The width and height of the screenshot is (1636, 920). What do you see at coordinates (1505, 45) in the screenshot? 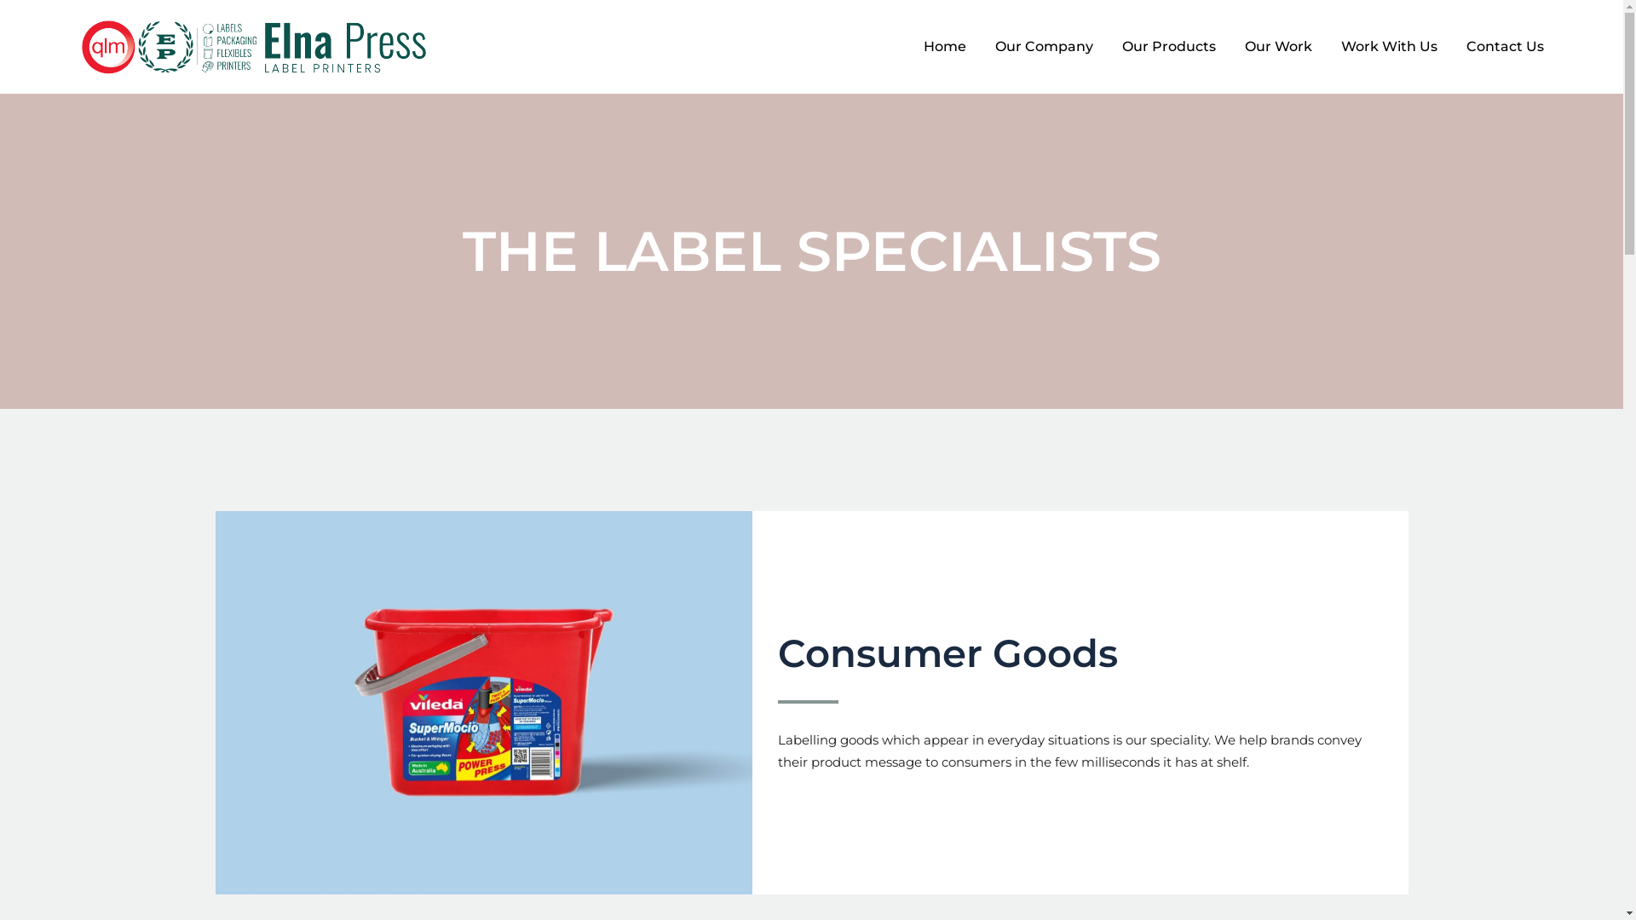
I see `'Contact Us'` at bounding box center [1505, 45].